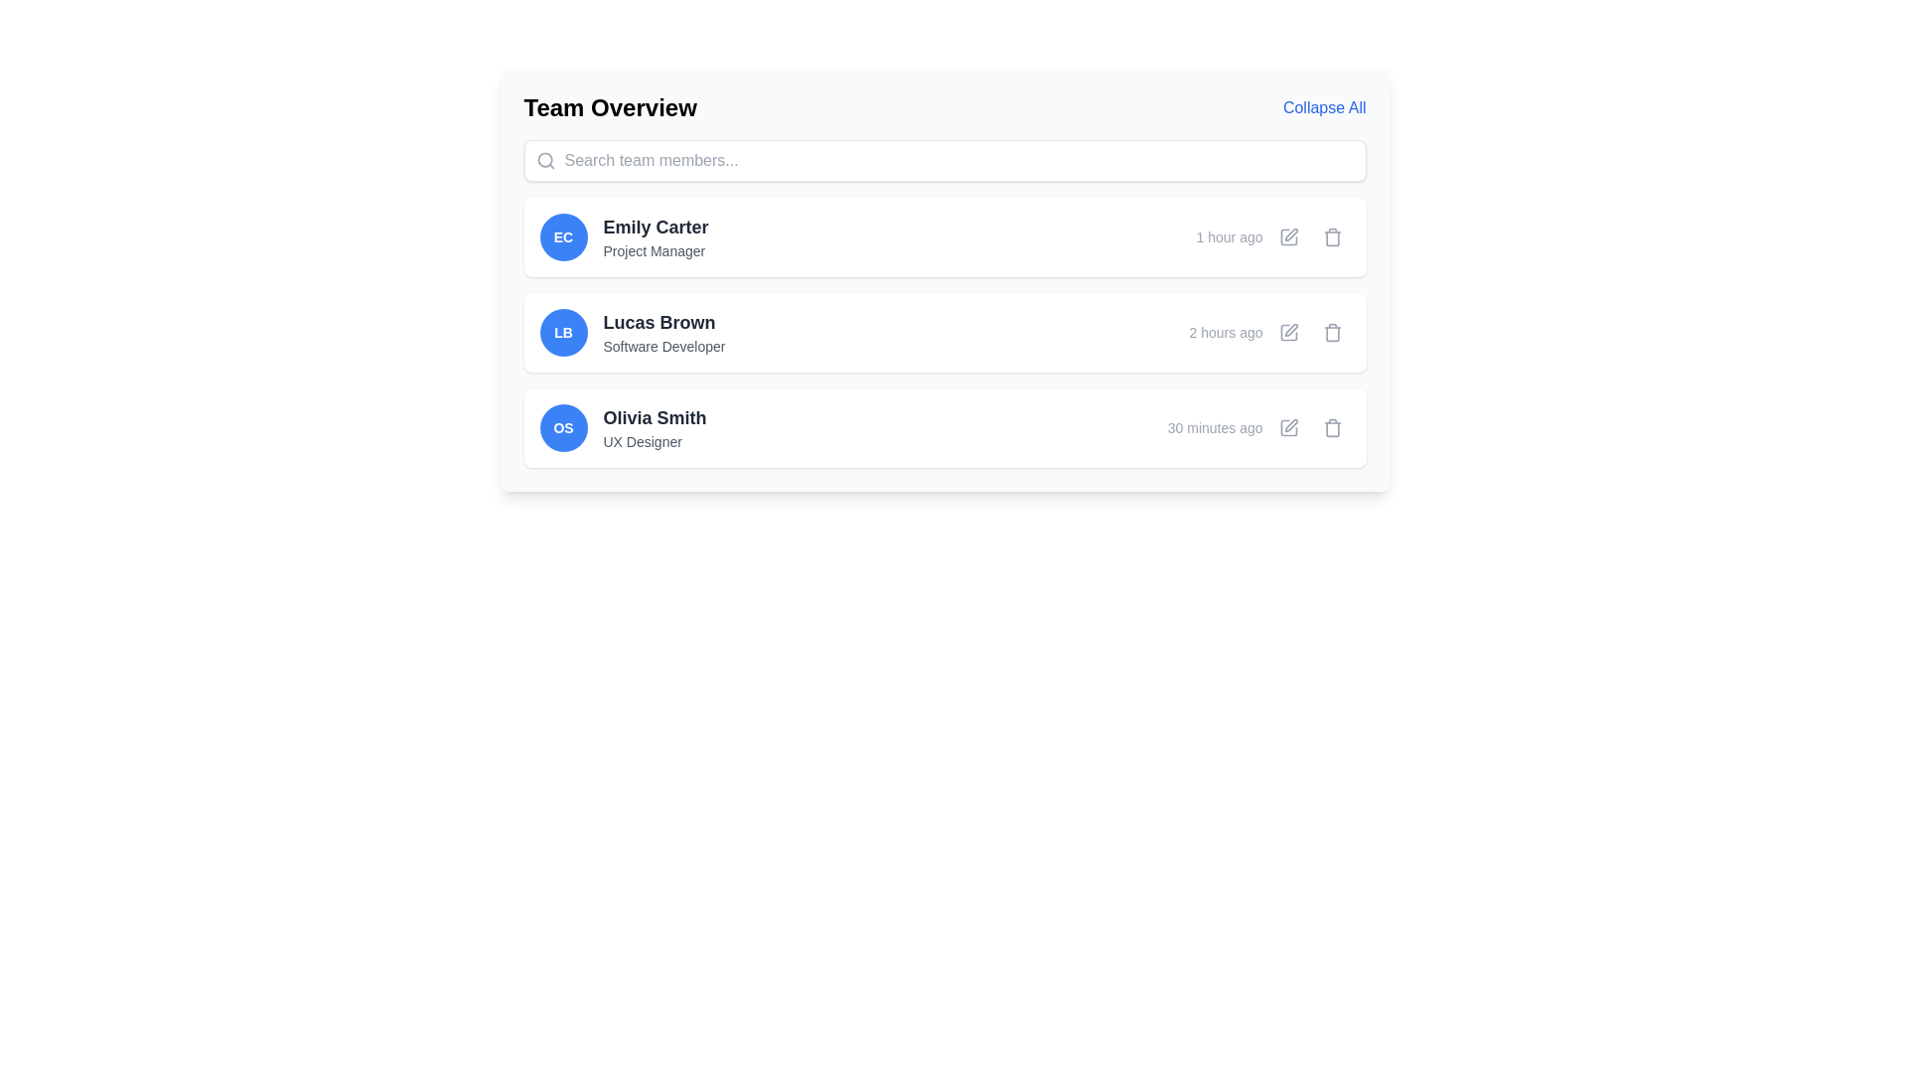 The image size is (1907, 1073). I want to click on the avatar icon representing 'Lucas Brown' by moving the cursor to its center point, so click(562, 332).